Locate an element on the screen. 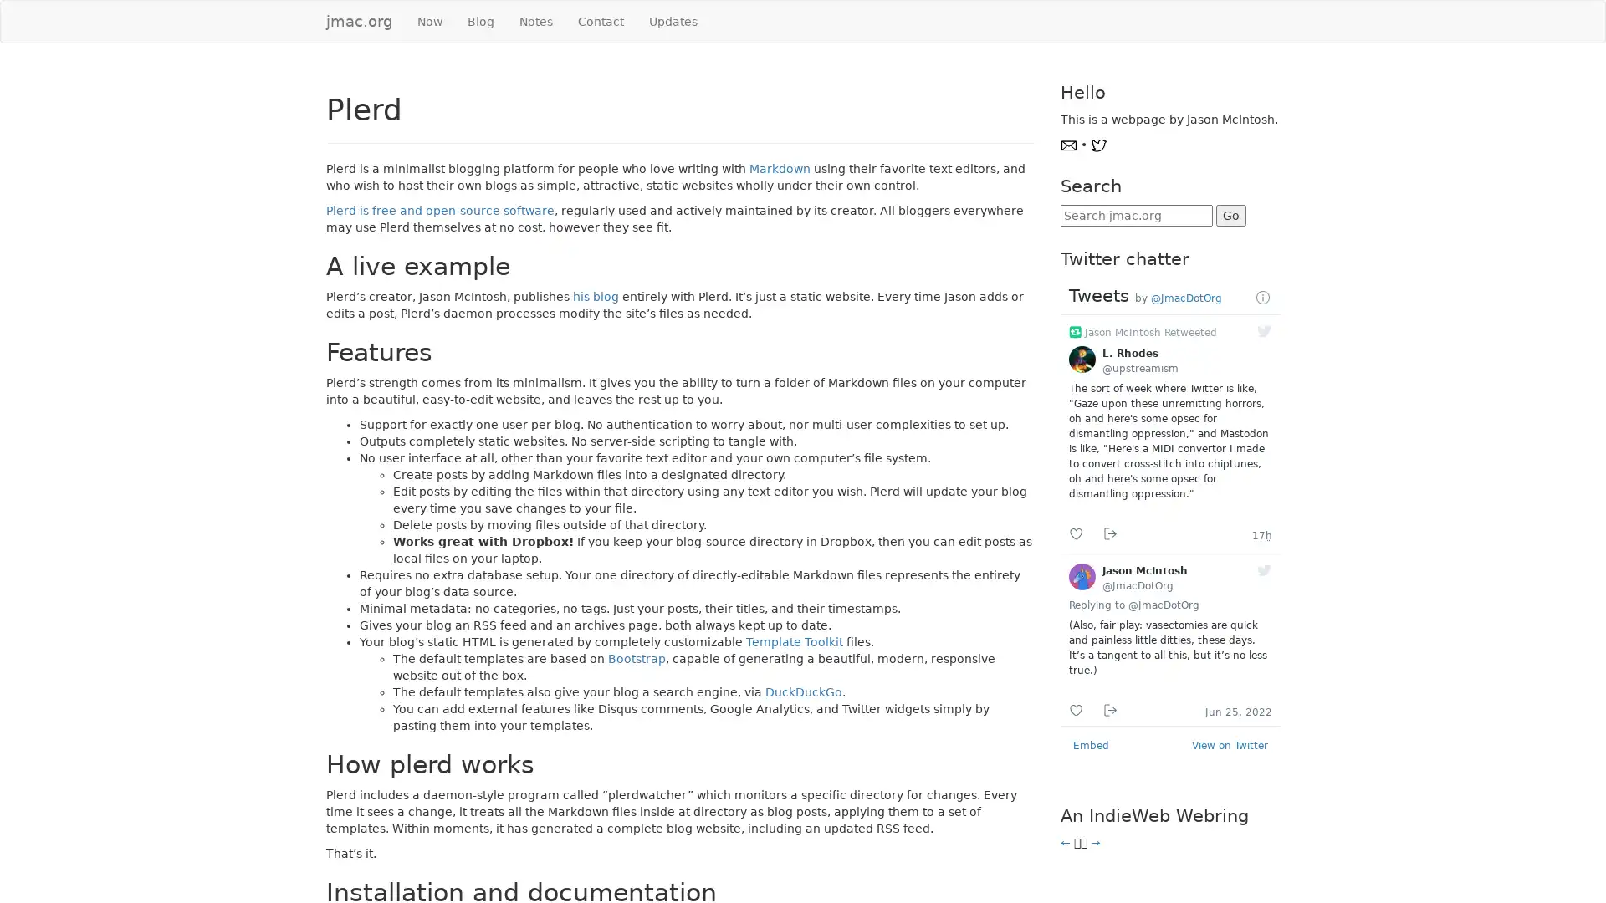  Go is located at coordinates (1230, 215).